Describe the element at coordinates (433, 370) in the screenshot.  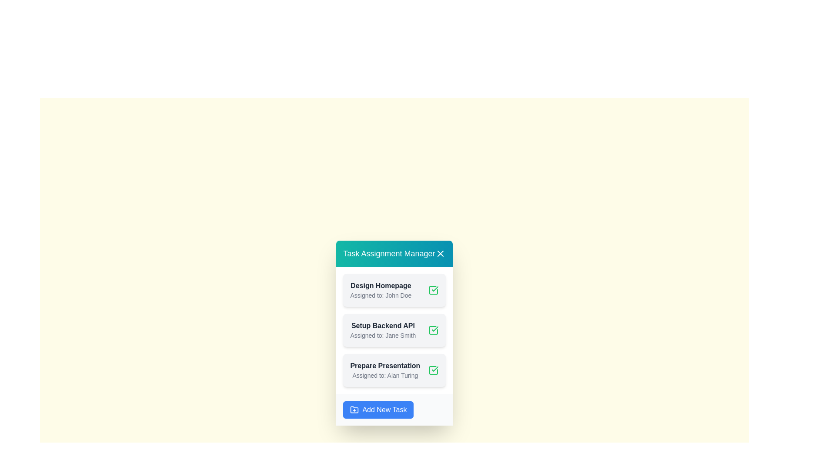
I see `the checkmark icon for the task 'Prepare Presentation' to mark it as completed` at that location.